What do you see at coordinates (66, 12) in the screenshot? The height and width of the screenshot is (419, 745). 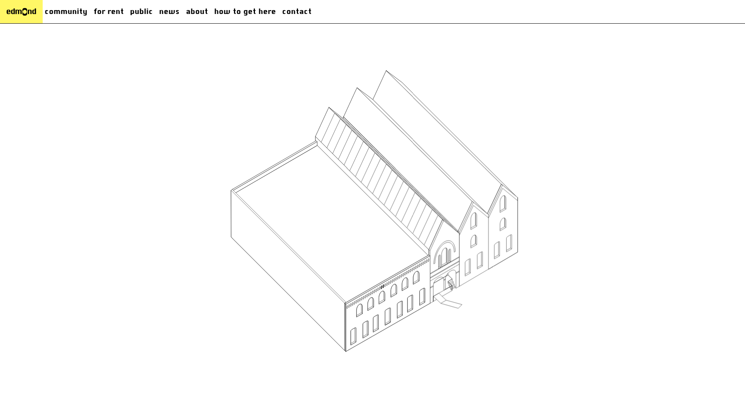 I see `'community'` at bounding box center [66, 12].